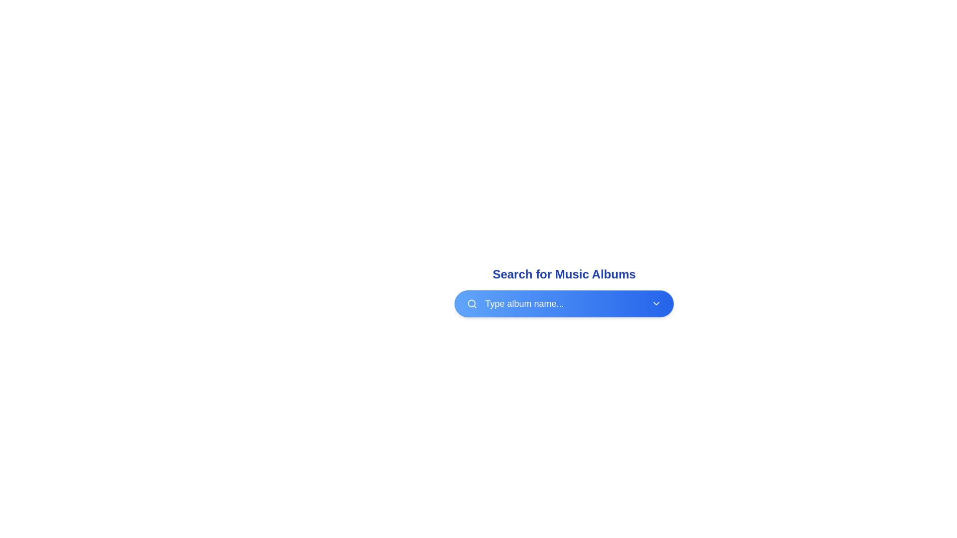 This screenshot has width=957, height=538. What do you see at coordinates (656, 303) in the screenshot?
I see `the dropdown toggle icon located on the far right side of the search bar` at bounding box center [656, 303].